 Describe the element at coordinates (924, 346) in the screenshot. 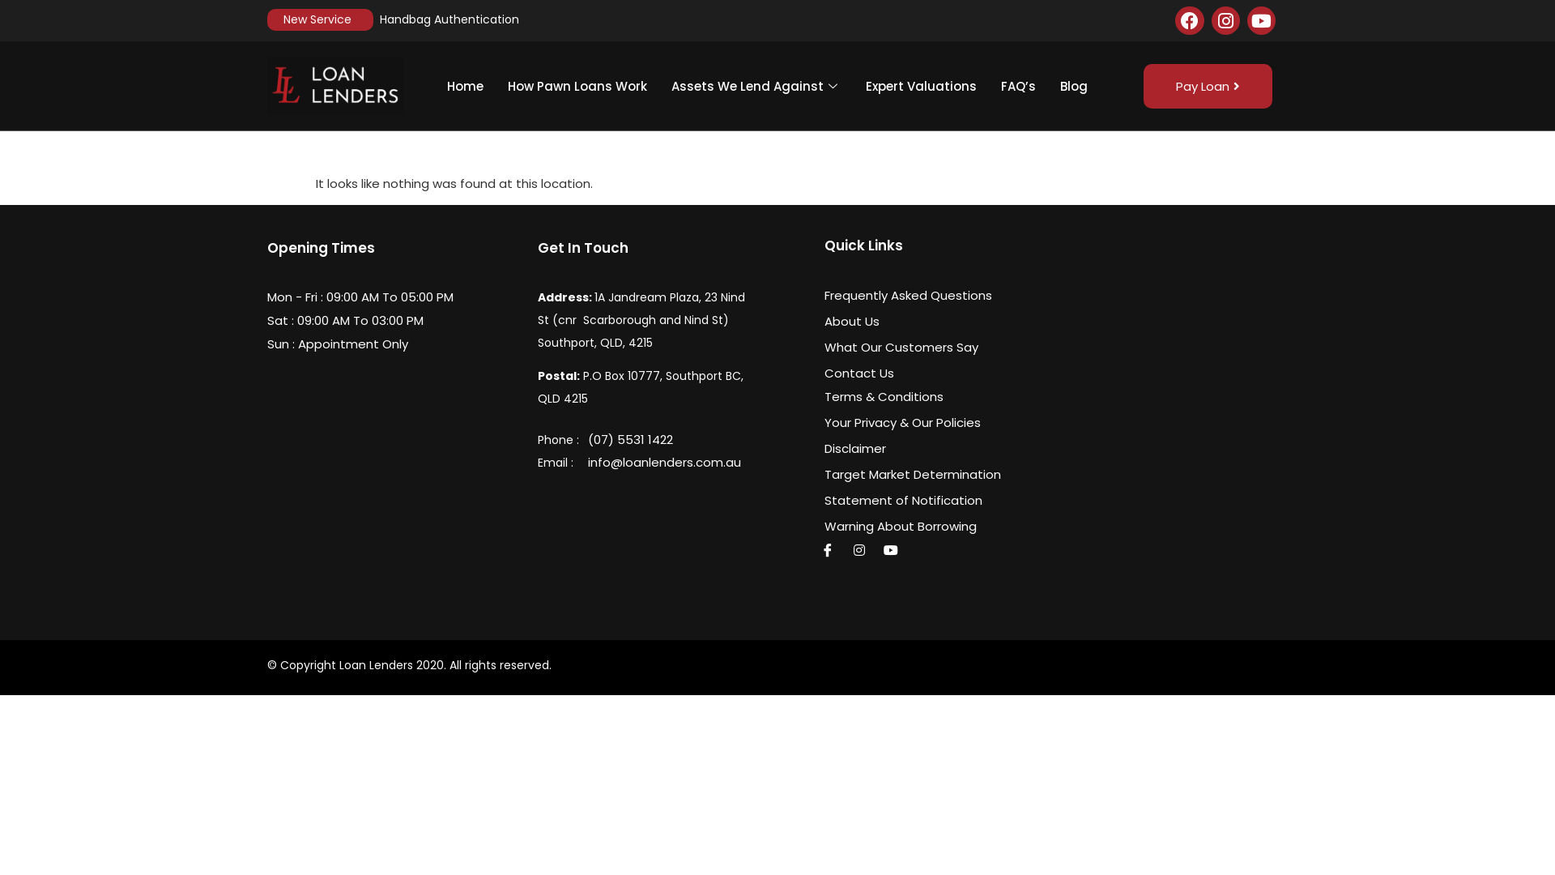

I see `'What Our Customers Say'` at that location.